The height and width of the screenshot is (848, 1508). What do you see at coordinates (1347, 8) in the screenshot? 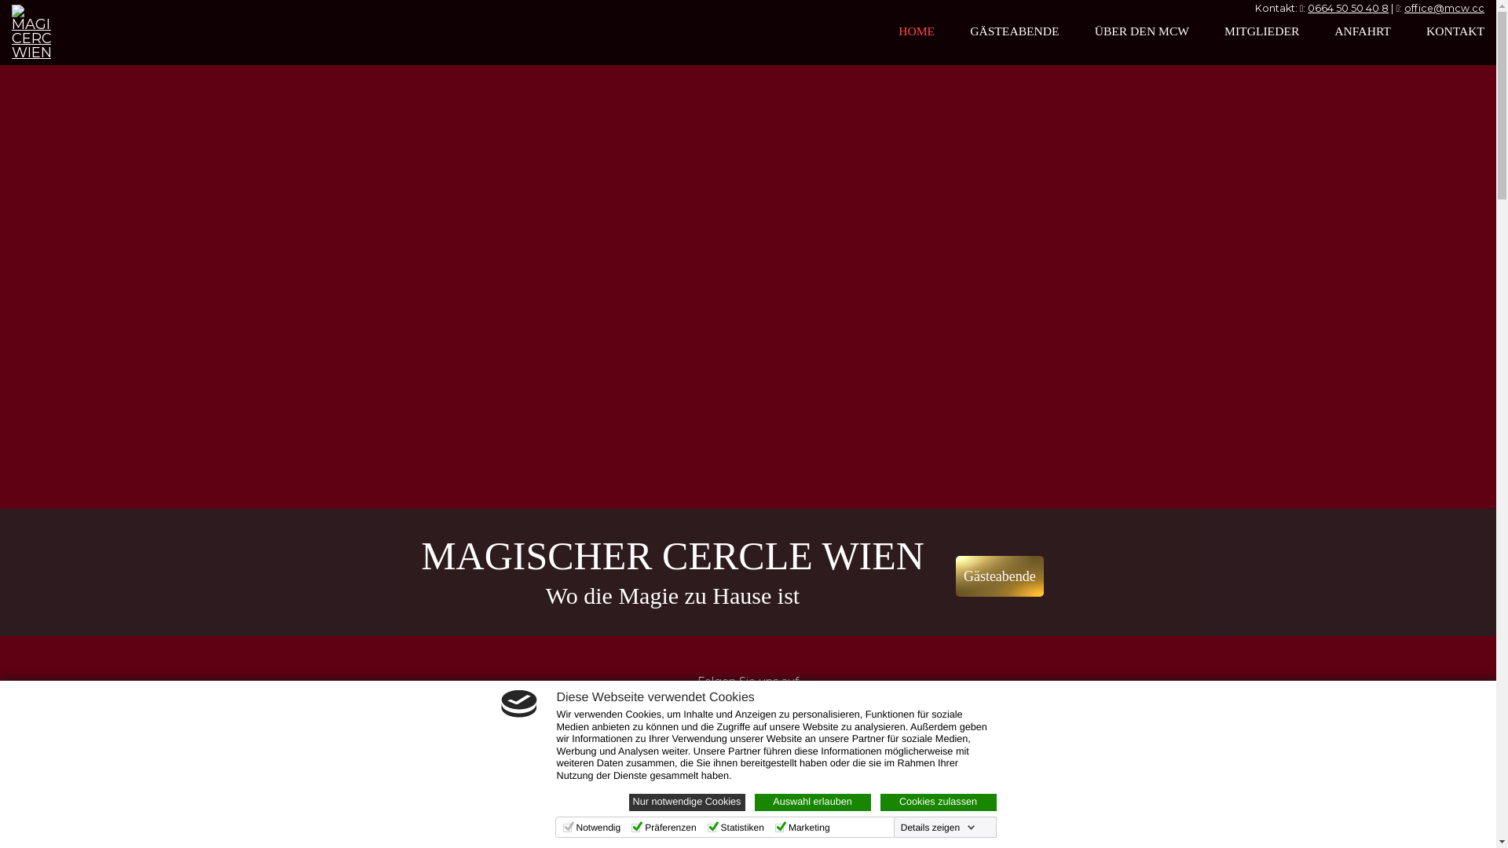
I see `'0664 50 50 40 8'` at bounding box center [1347, 8].